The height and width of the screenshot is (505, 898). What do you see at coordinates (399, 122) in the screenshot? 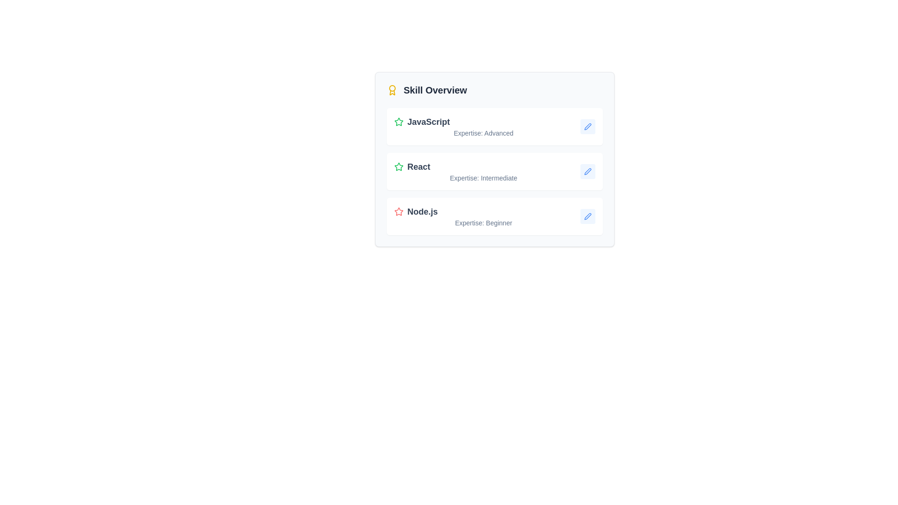
I see `the green star icon indicating expertise for the 'JavaScript' skill, located to the left of the 'JavaScript' text in the 'Skill Overview' section` at bounding box center [399, 122].